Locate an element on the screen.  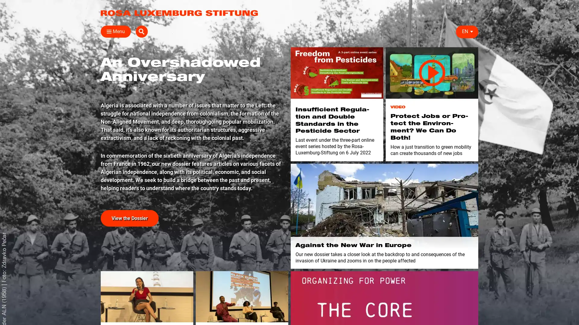
Show more / less is located at coordinates (192, 71).